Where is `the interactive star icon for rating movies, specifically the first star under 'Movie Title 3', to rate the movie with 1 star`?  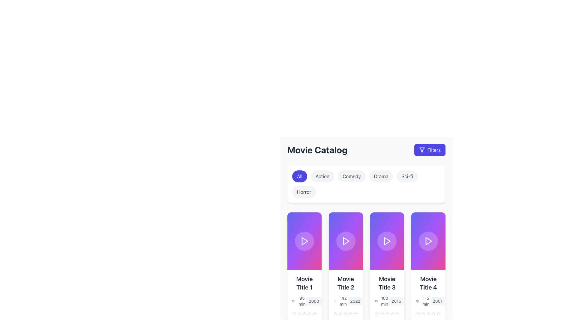
the interactive star icon for rating movies, specifically the first star under 'Movie Title 3', to rate the movie with 1 star is located at coordinates (376, 313).